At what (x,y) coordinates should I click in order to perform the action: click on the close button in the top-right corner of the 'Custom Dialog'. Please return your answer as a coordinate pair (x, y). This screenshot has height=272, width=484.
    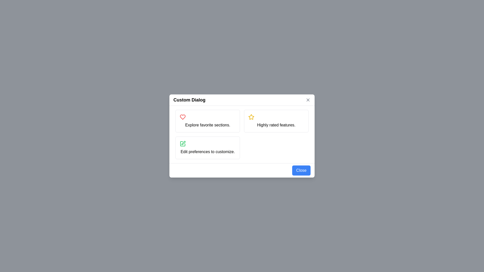
    Looking at the image, I should click on (308, 100).